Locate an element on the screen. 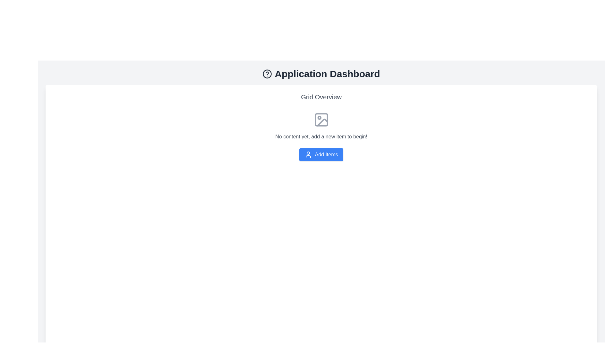 This screenshot has height=346, width=616. the gray outlined icon resembling an image with a square and circle layout, which is centrally positioned above the text 'No content yet, add a new item to begin!' is located at coordinates (321, 120).